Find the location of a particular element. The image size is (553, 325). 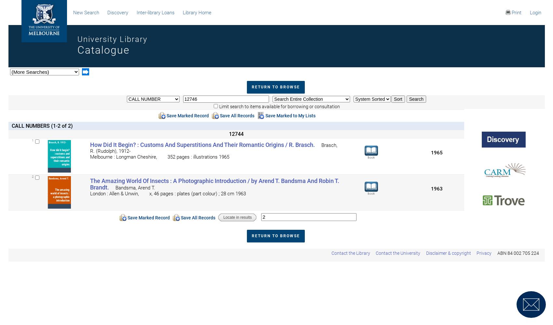

'Save Marked to My Lists' is located at coordinates (290, 115).